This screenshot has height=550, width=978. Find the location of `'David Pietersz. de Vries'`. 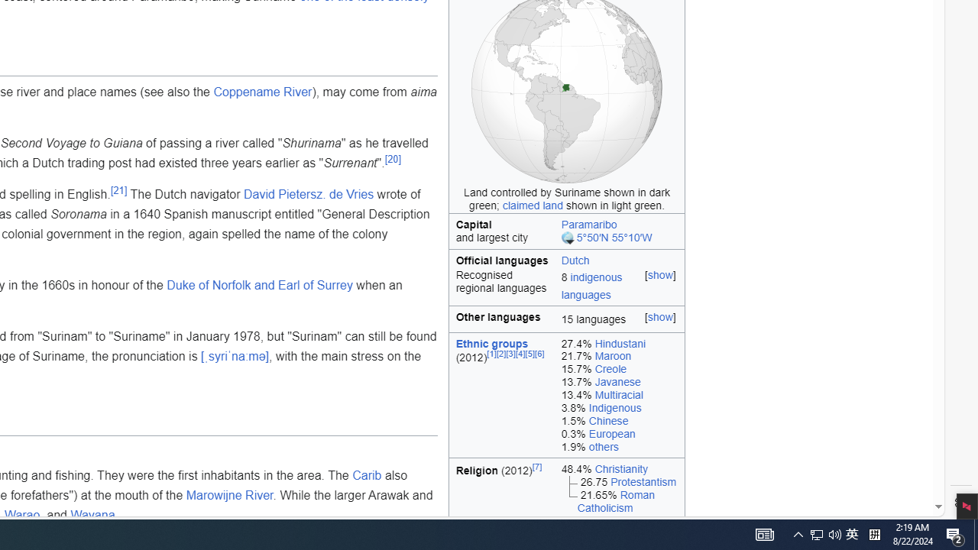

'David Pietersz. de Vries' is located at coordinates (308, 194).